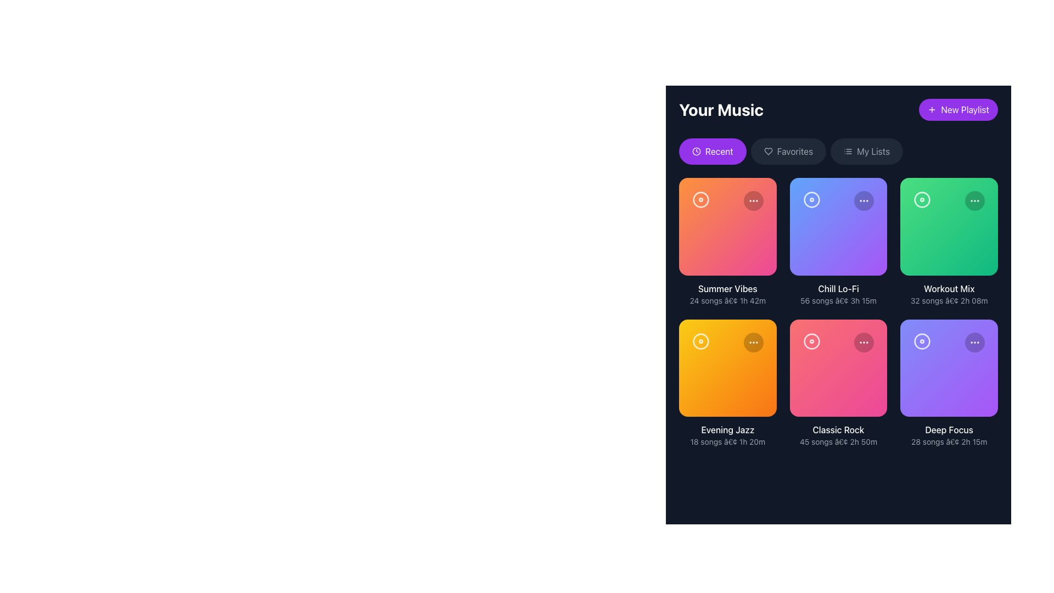  I want to click on the text label displaying '56 songs • 3h 15m', which is located below the title 'Chill Lo-Fi' in the playlist card layout, so click(838, 300).